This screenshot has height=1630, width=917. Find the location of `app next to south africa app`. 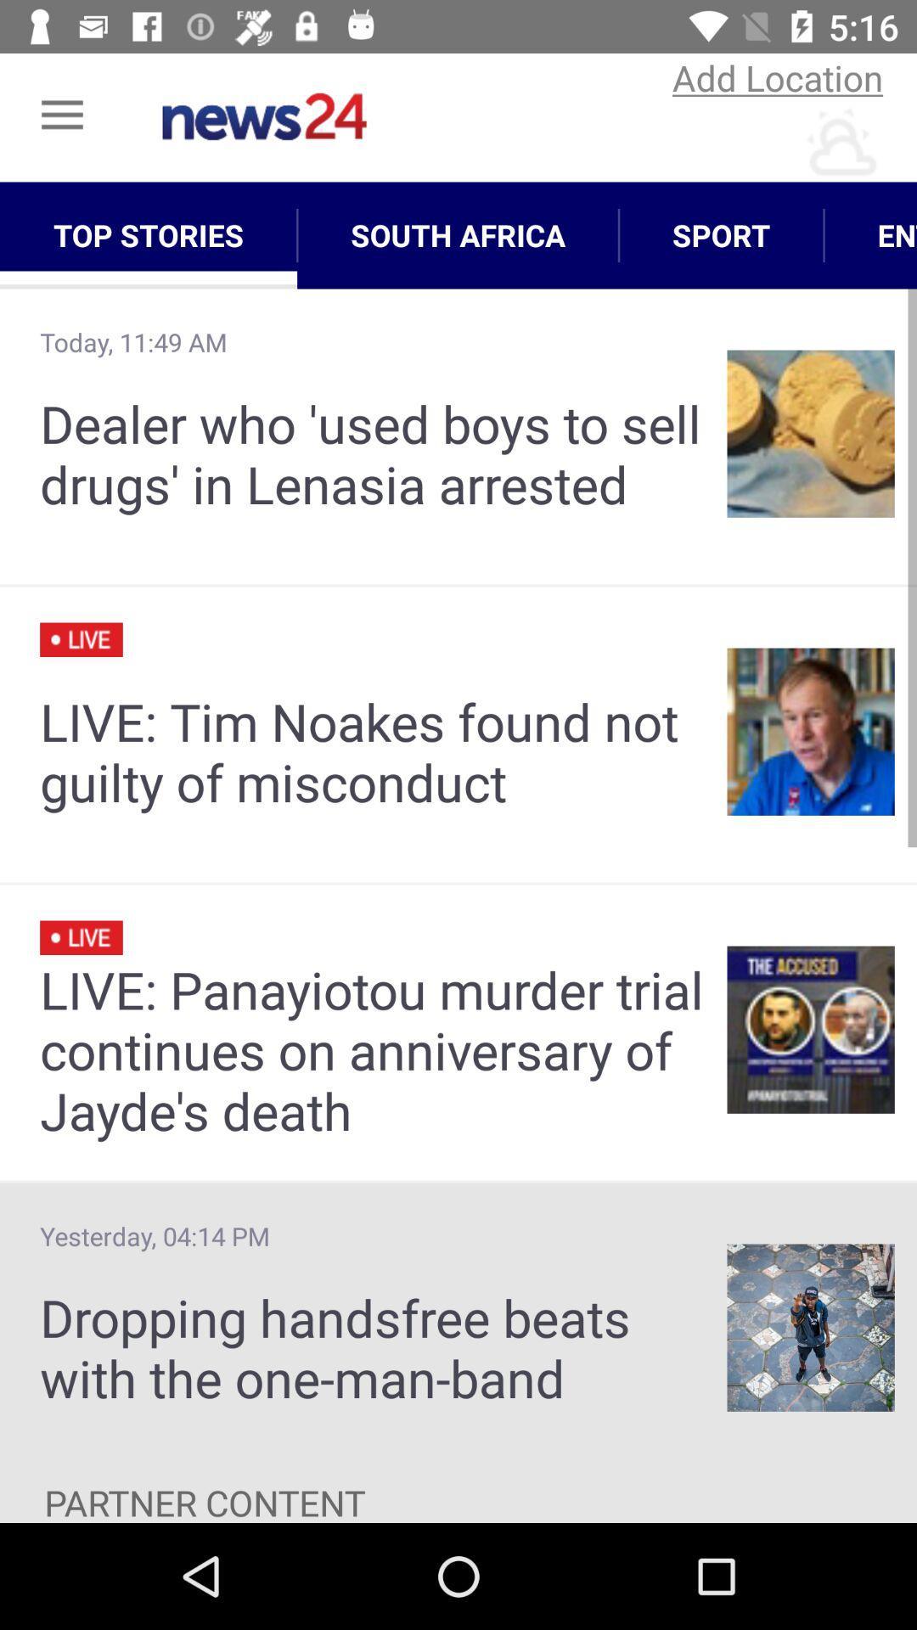

app next to south africa app is located at coordinates (148, 234).